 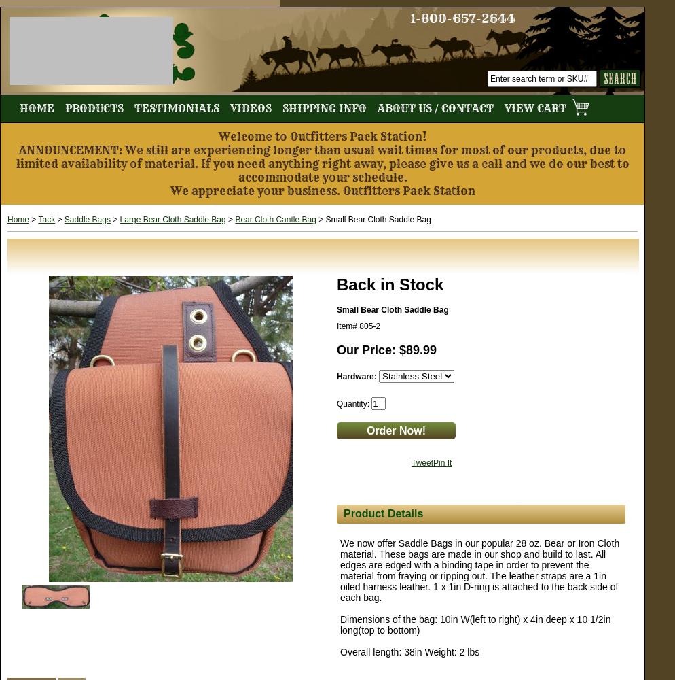 I want to click on 'We appreciate your business. Outfitters Pack Station', so click(x=321, y=191).